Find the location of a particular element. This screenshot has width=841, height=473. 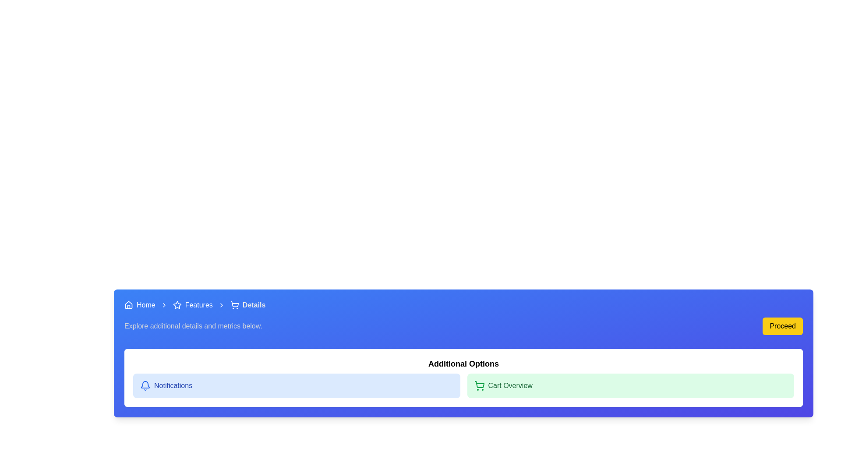

the descriptive text label located to the right of the bell-shaped icon, which provides contextual information about notifications is located at coordinates (173, 385).